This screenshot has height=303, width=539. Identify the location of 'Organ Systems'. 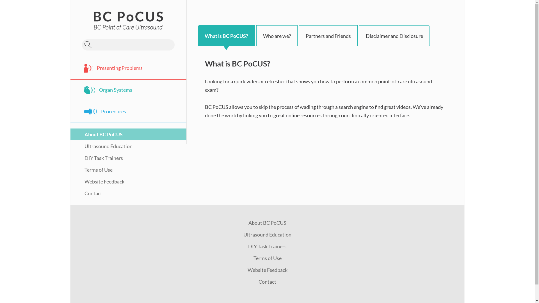
(128, 90).